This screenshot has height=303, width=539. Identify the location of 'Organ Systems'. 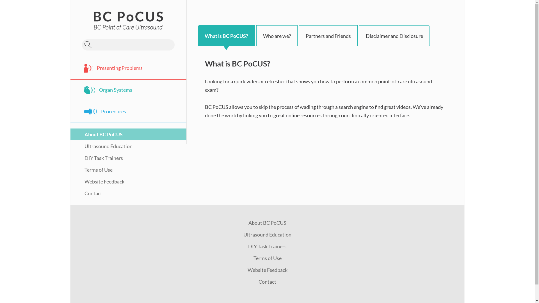
(128, 90).